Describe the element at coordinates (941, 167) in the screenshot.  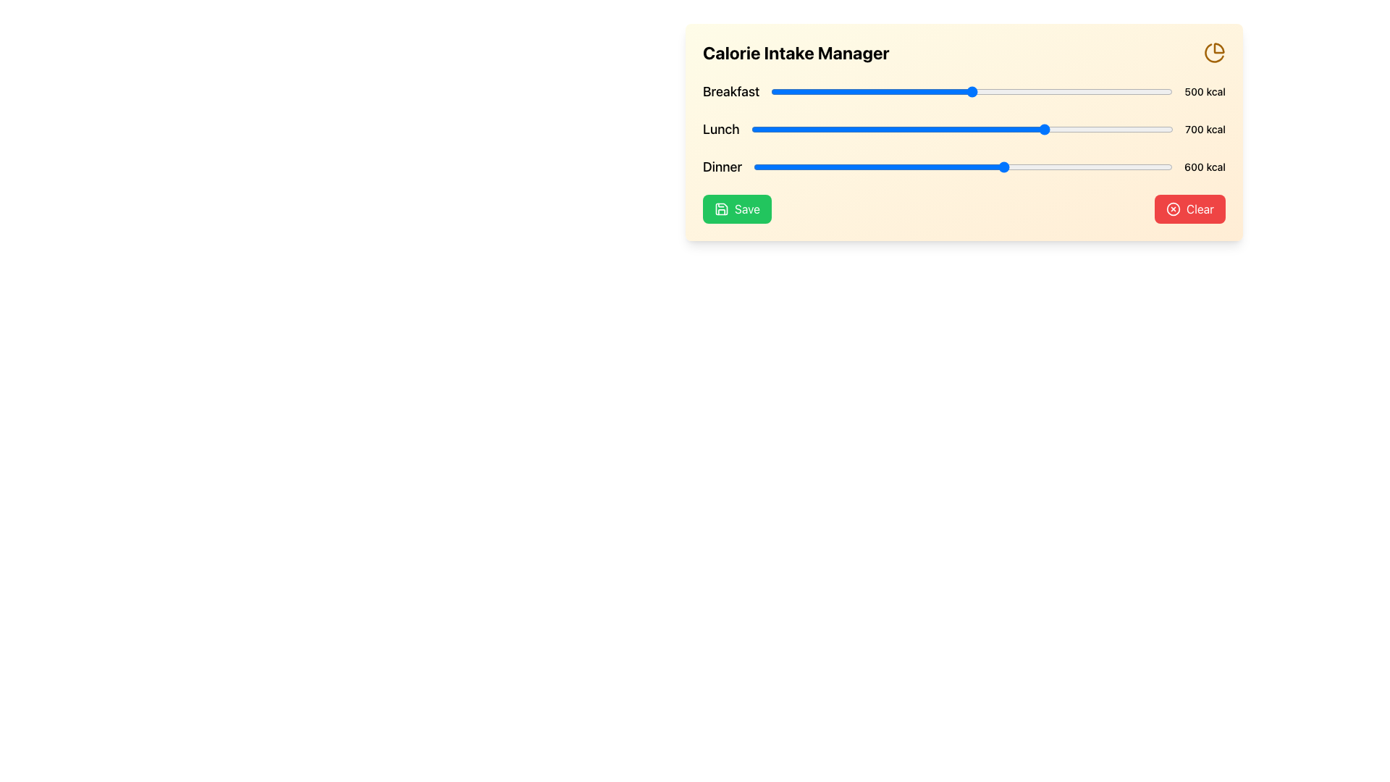
I see `Dinner kcal` at that location.